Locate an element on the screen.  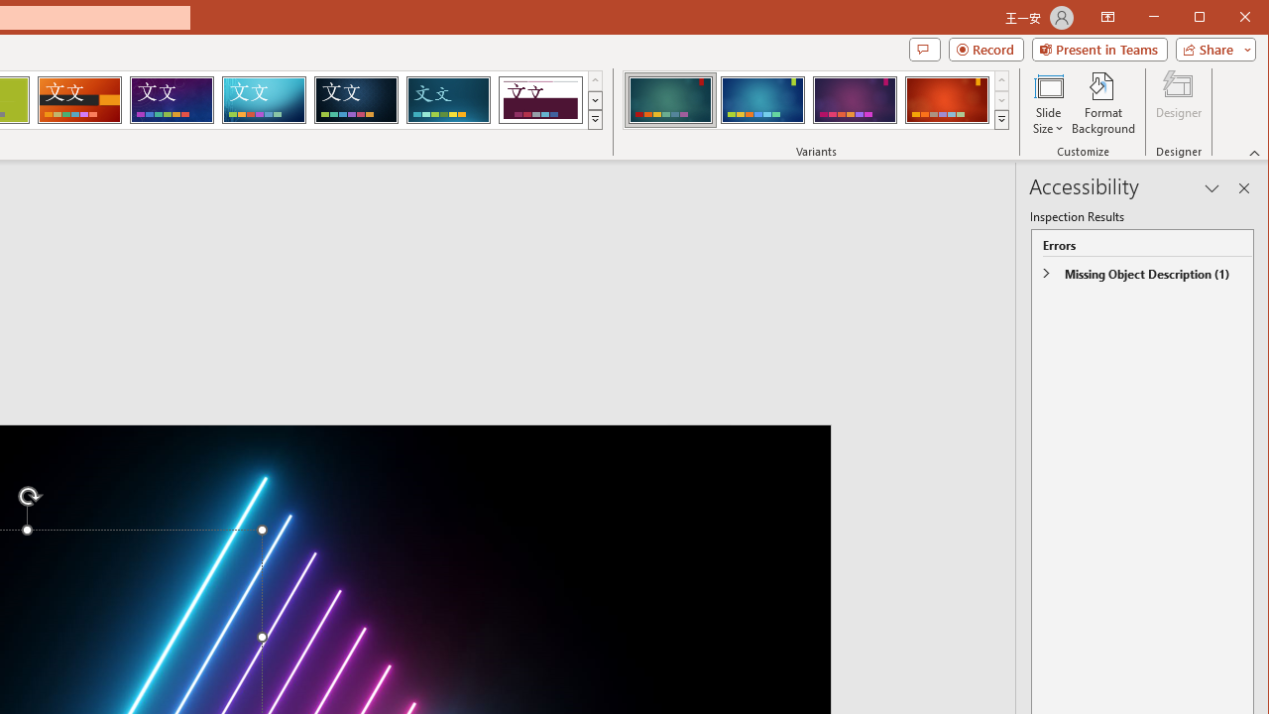
'Collapse the Ribbon' is located at coordinates (1254, 152).